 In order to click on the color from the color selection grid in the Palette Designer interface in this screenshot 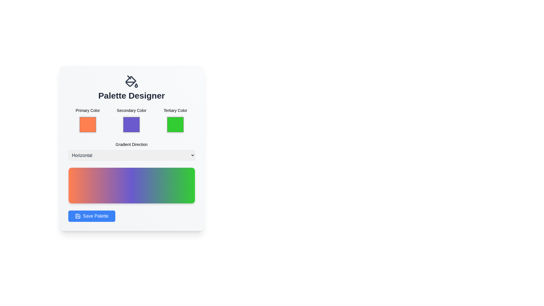, I will do `click(131, 121)`.